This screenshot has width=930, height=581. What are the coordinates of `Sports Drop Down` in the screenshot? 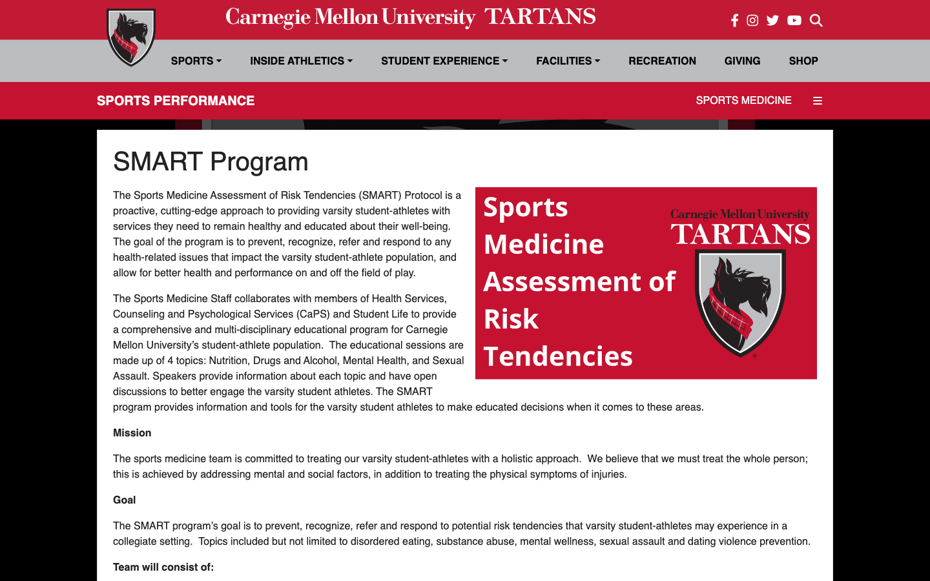 It's located at (196, 60).